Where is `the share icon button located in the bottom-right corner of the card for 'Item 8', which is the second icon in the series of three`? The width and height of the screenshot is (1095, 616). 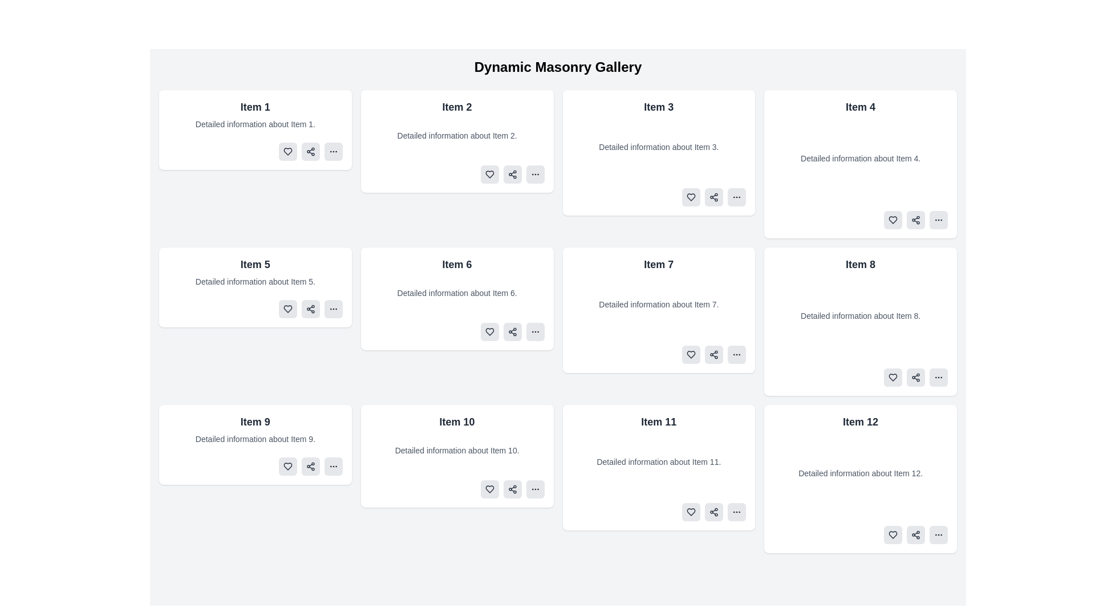
the share icon button located in the bottom-right corner of the card for 'Item 8', which is the second icon in the series of three is located at coordinates (916, 378).